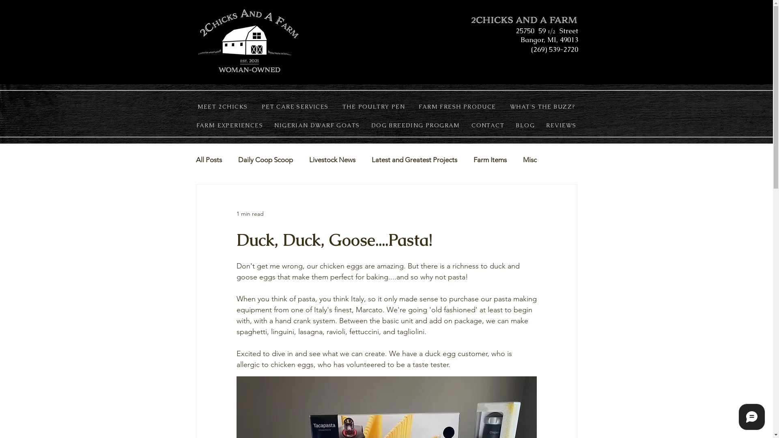  I want to click on 'NIGERIAN DWARF GOATS', so click(316, 125).